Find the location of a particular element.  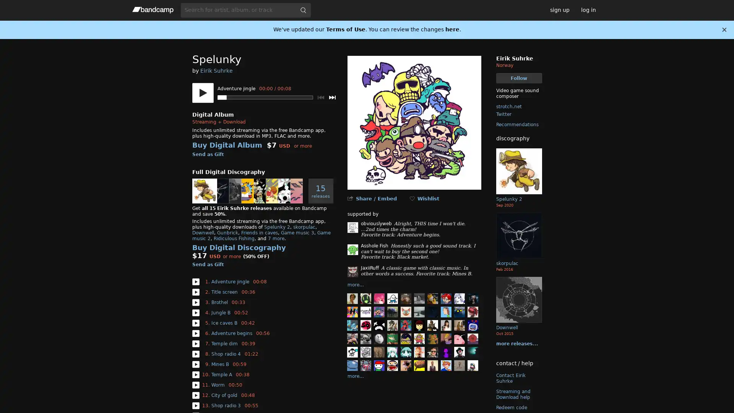

Next track is located at coordinates (332, 97).